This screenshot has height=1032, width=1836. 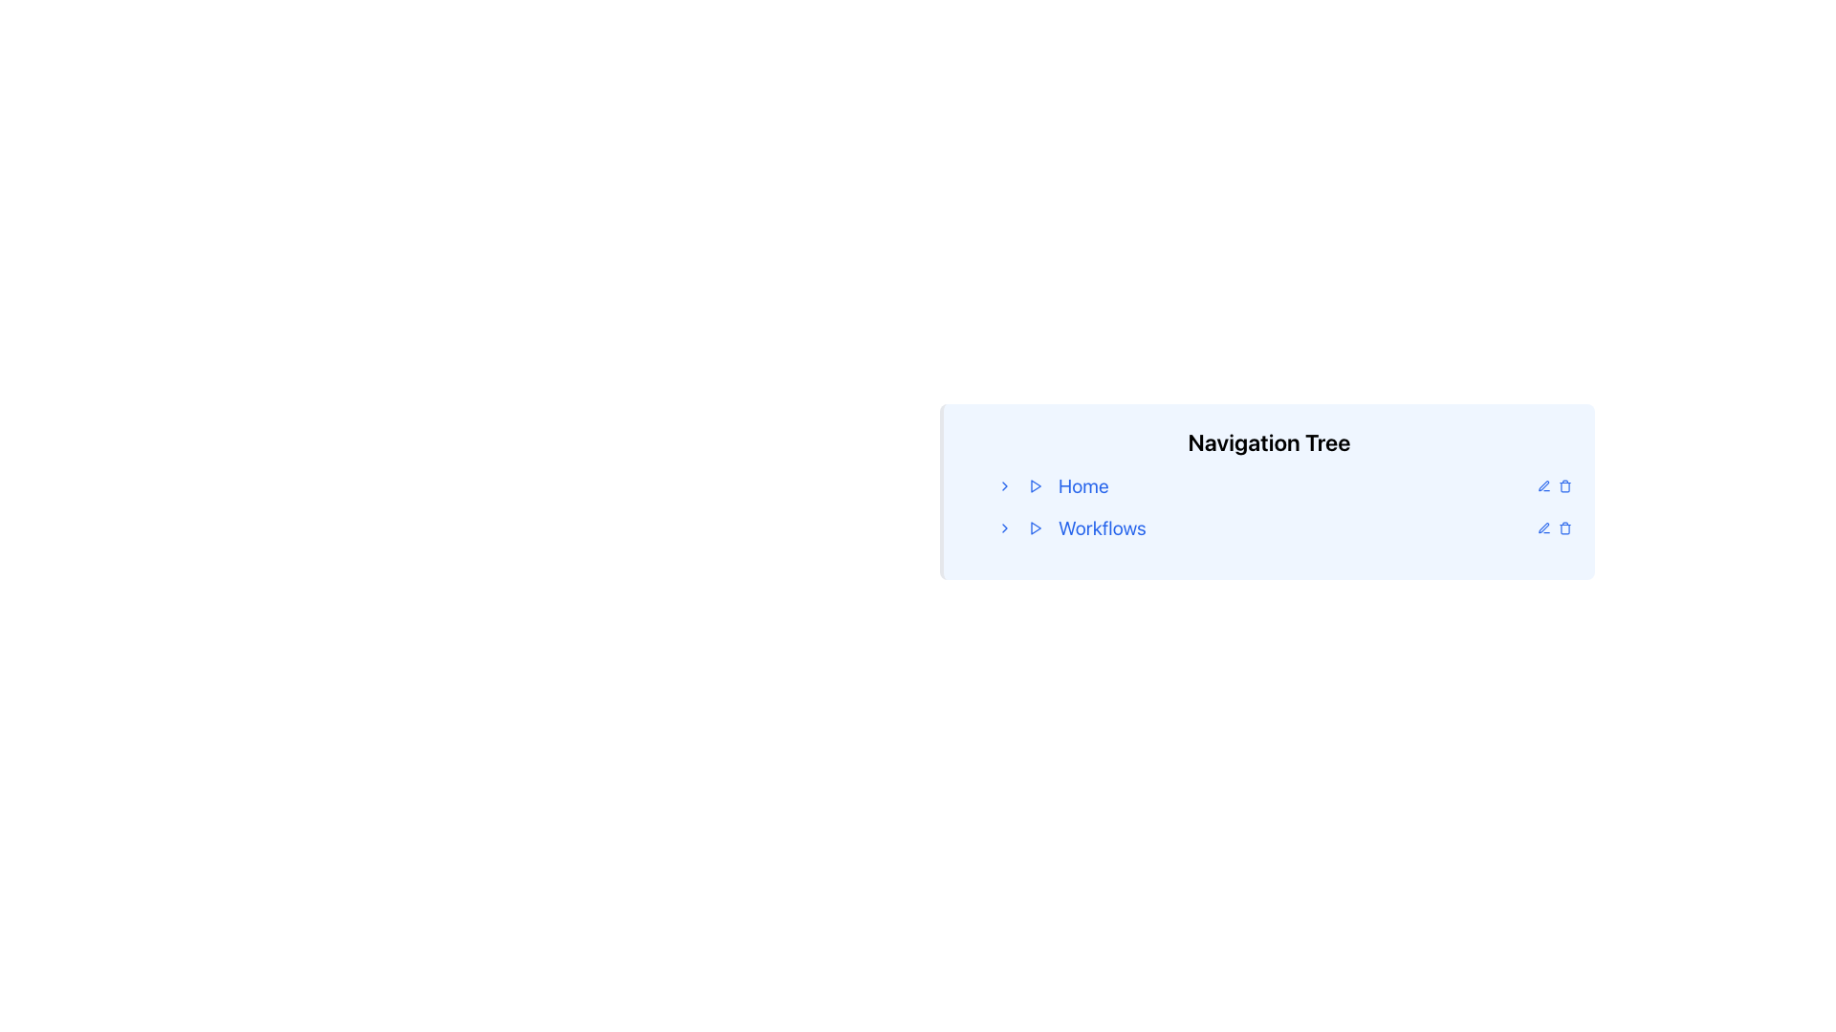 I want to click on the Edit icon button, which is represented by a blue pencil icon located in the bottom right of the Navigation Tree section, so click(x=1543, y=484).